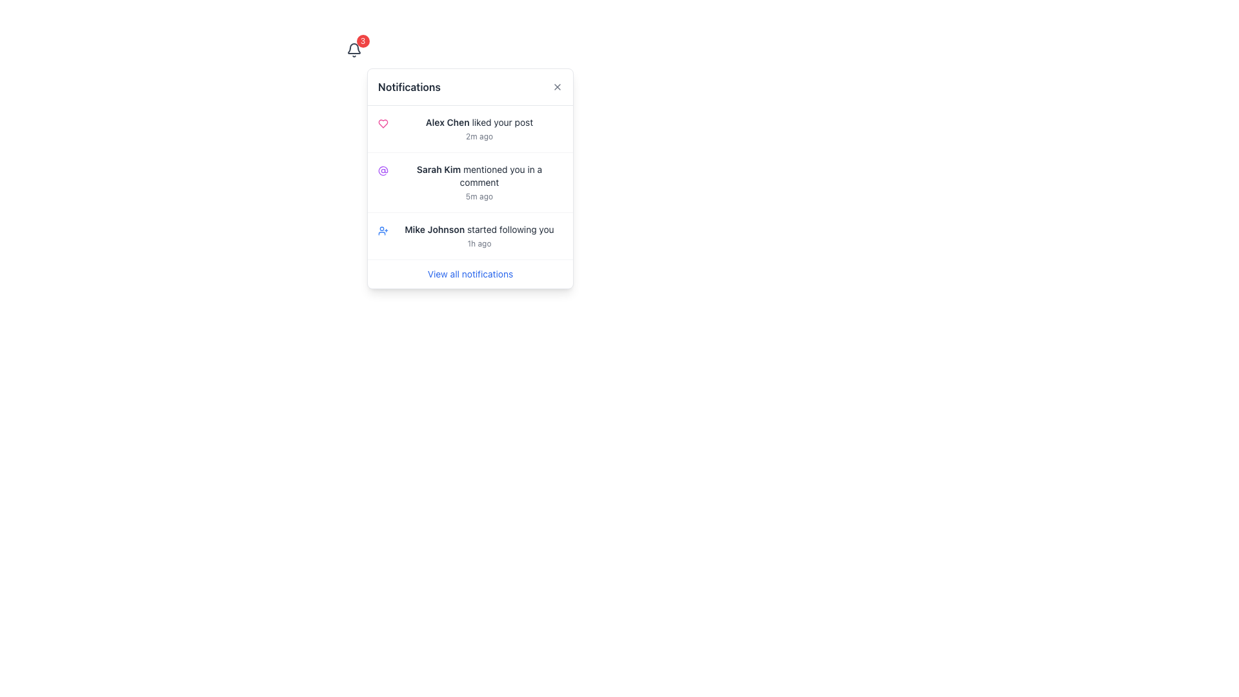 Image resolution: width=1239 pixels, height=697 pixels. What do you see at coordinates (470, 179) in the screenshot?
I see `the second notification about a user mentioning another user in a comment` at bounding box center [470, 179].